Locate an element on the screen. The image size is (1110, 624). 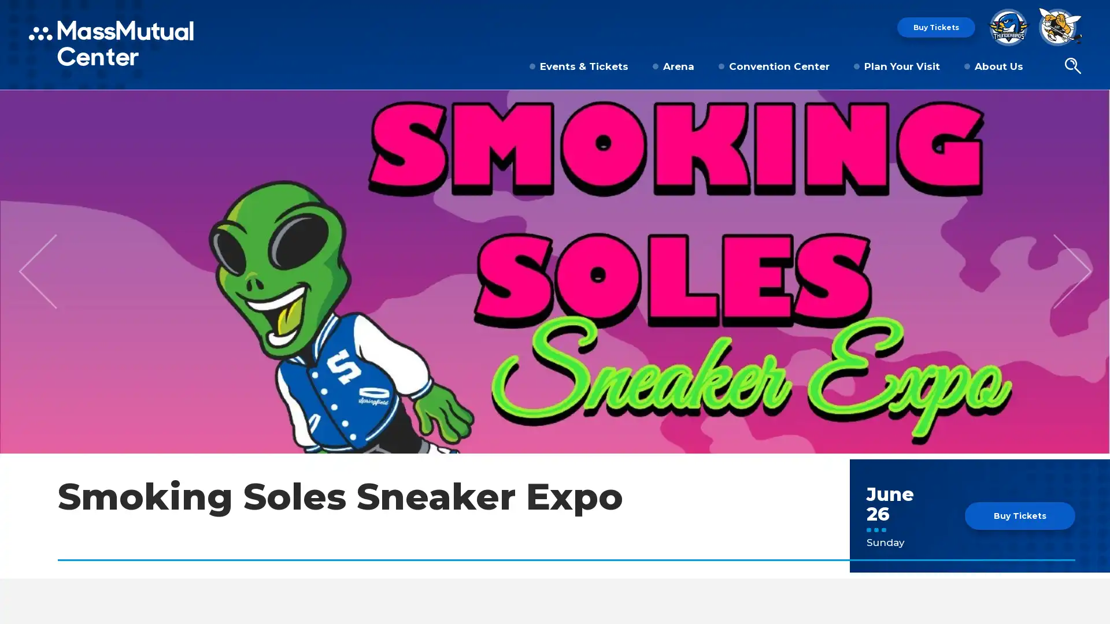
Toggle Search is located at coordinates (1072, 66).